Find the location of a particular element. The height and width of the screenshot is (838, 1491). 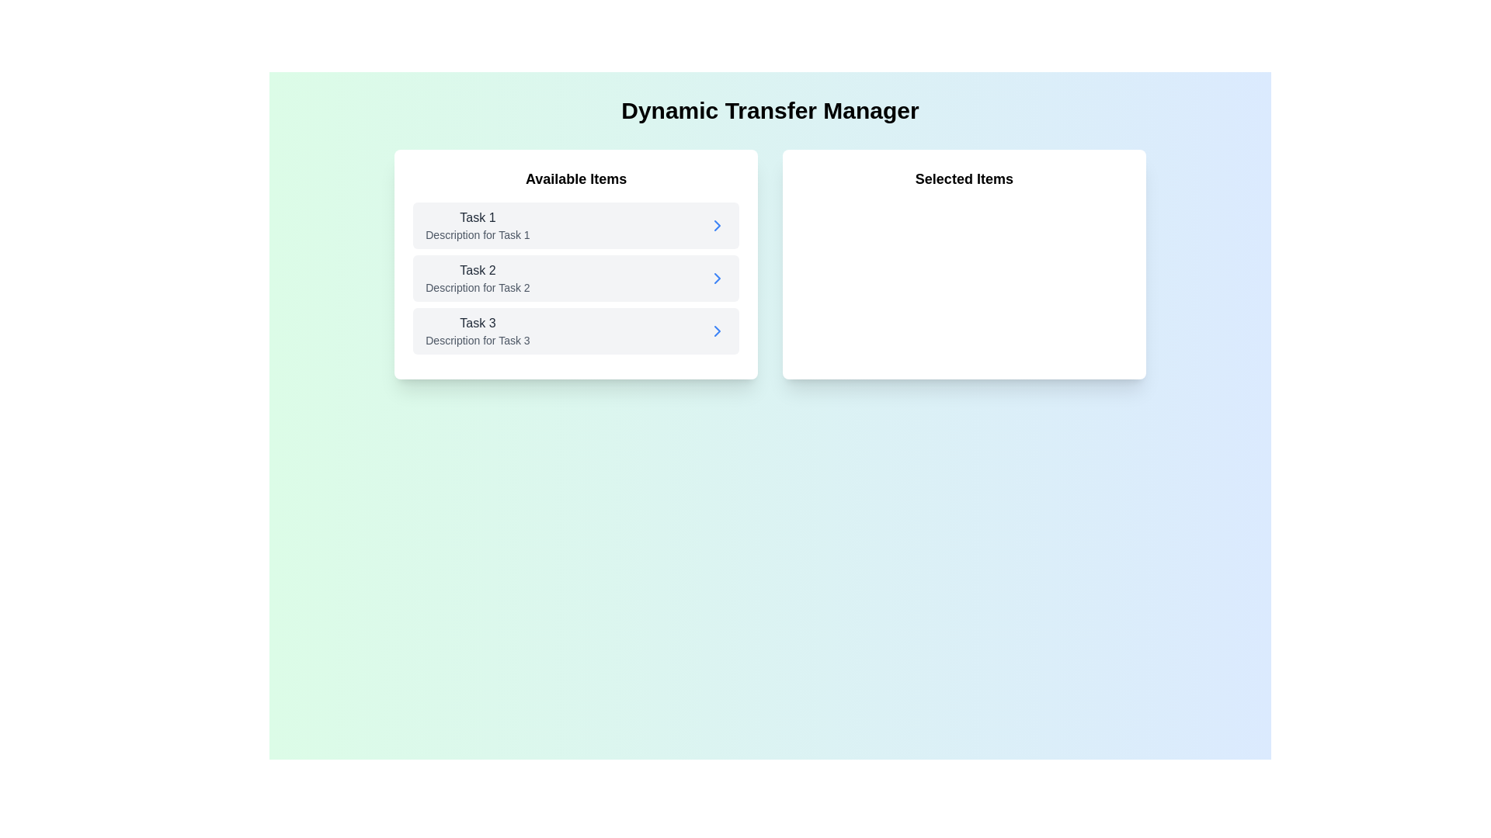

the second item in the list of 'Available Items' is located at coordinates (575, 277).